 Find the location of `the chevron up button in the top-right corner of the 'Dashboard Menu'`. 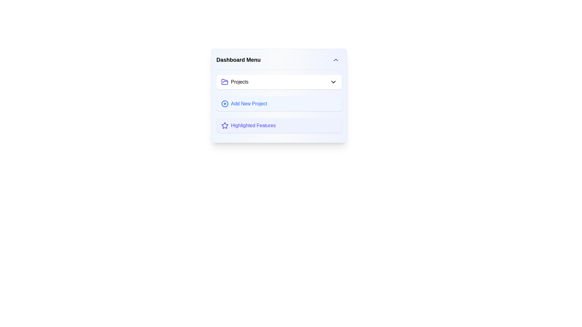

the chevron up button in the top-right corner of the 'Dashboard Menu' is located at coordinates (336, 60).